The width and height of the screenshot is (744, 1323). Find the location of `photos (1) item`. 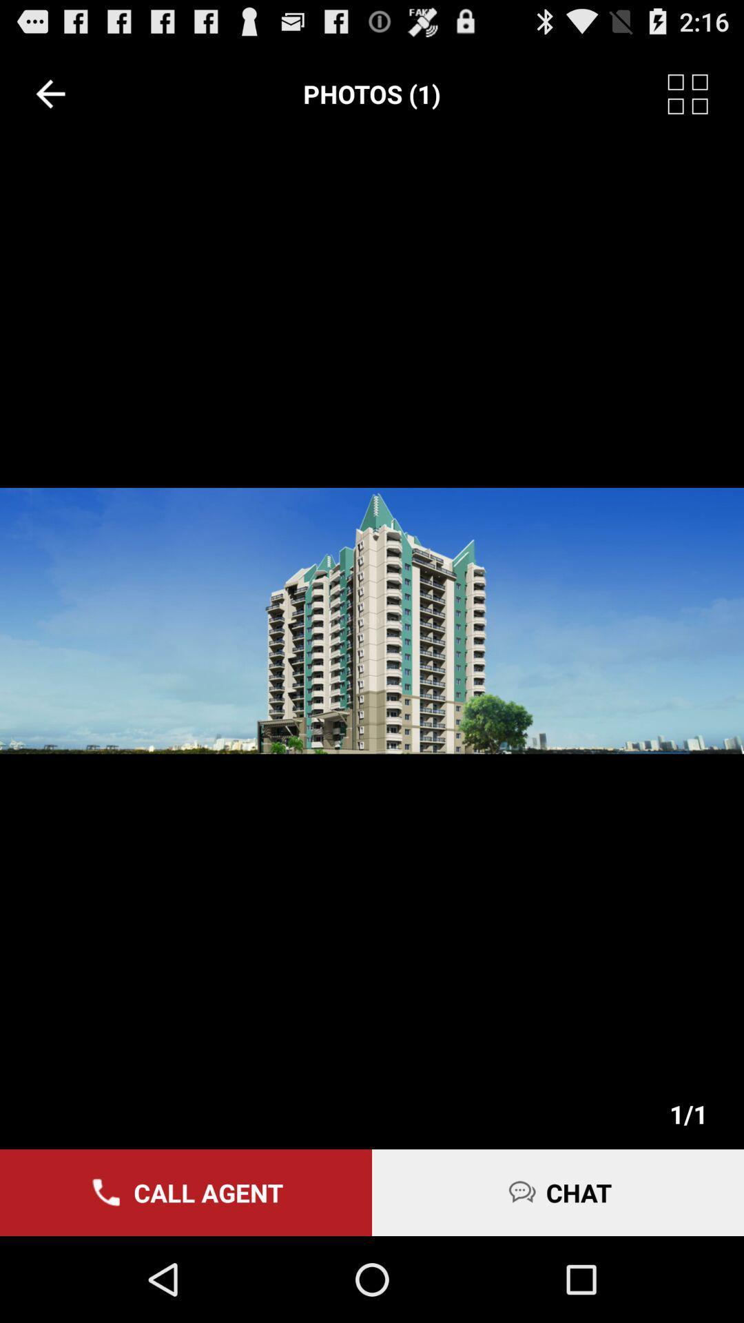

photos (1) item is located at coordinates (372, 93).